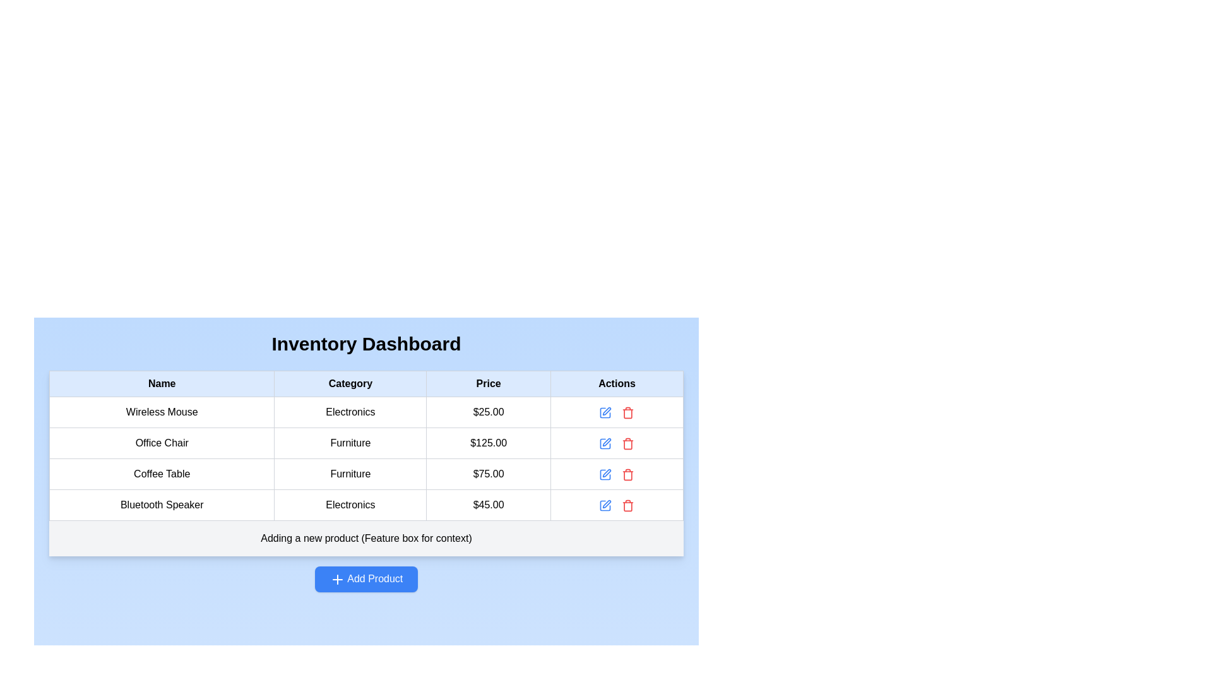 The height and width of the screenshot is (682, 1212). Describe the element at coordinates (607, 473) in the screenshot. I see `the small pen and square icon located in the 'Actions' column of the fourth row of the table, aligned with the item 'Coffee Table'` at that location.